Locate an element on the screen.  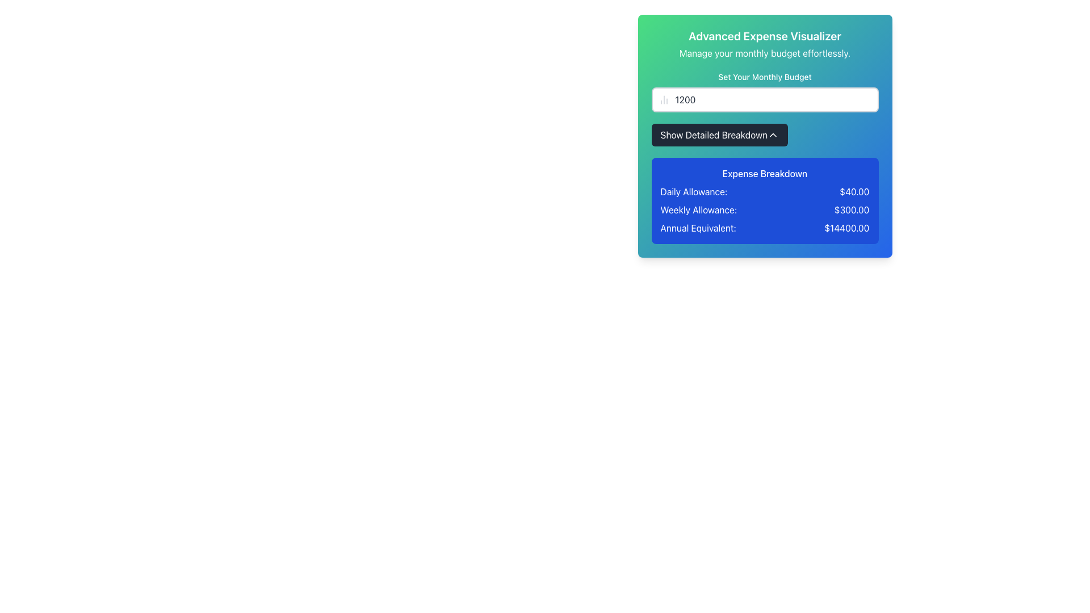
text label 'Weekly Allowance:' styled in white on a blue background, located within the 'Expense Breakdown' section is located at coordinates (698, 210).